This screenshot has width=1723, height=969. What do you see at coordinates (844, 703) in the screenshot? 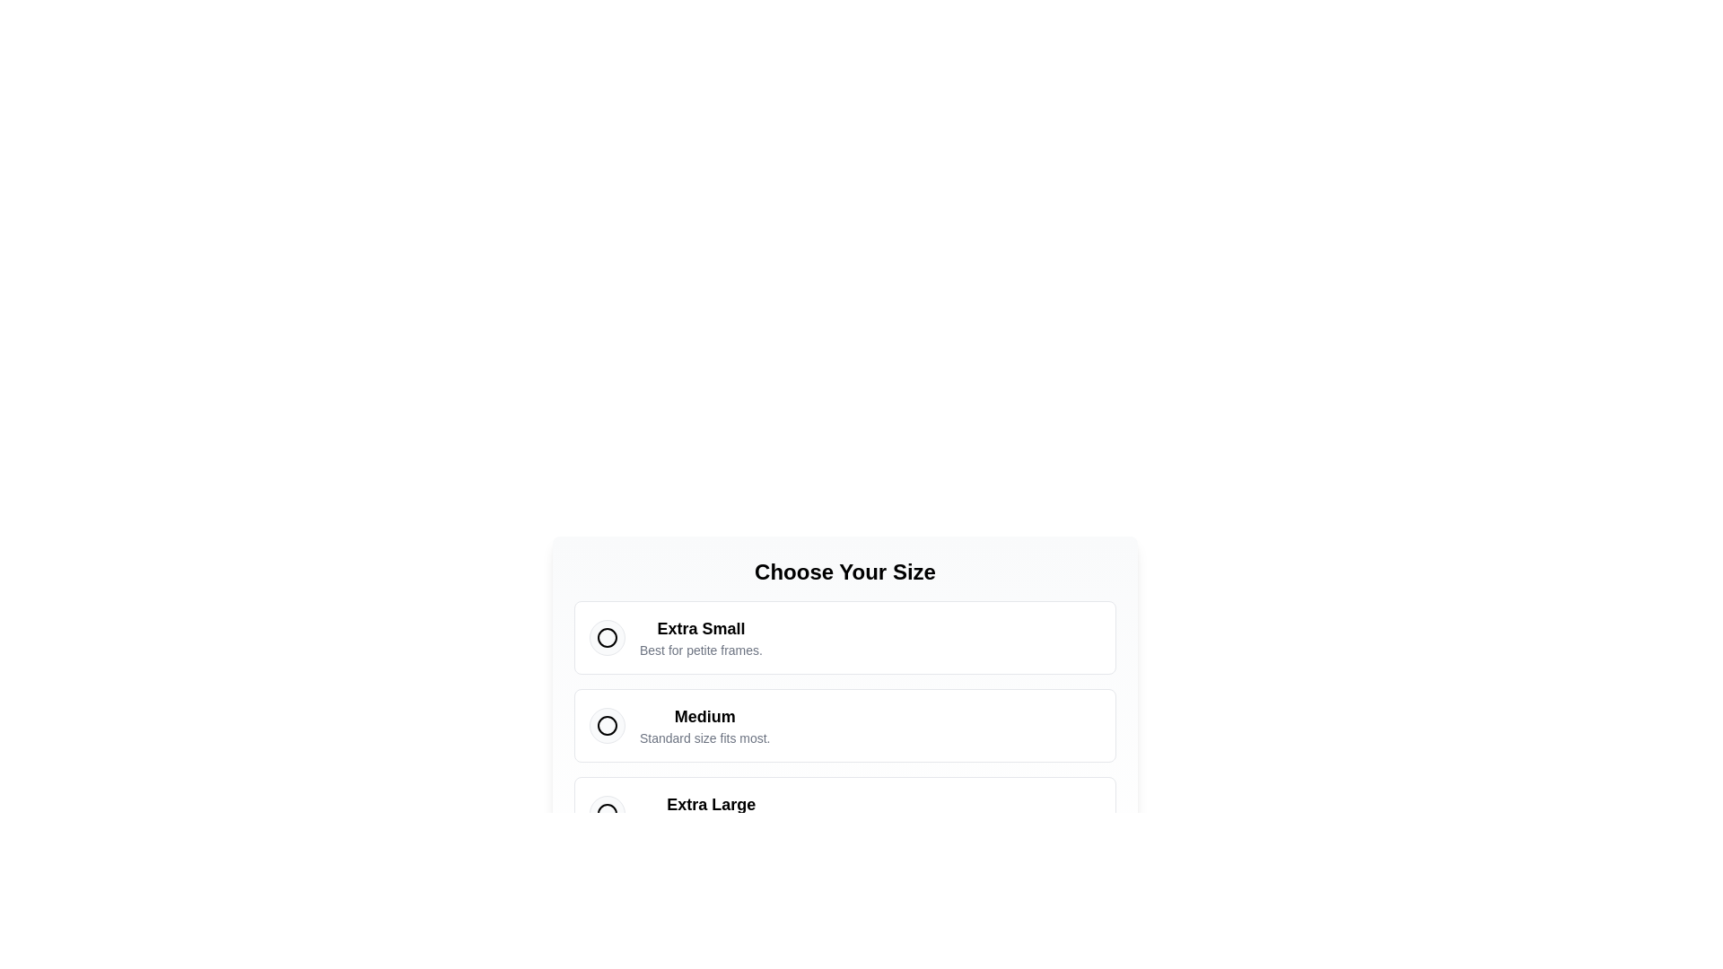
I see `the 'Medium' size selectable option in the size choice list` at bounding box center [844, 703].